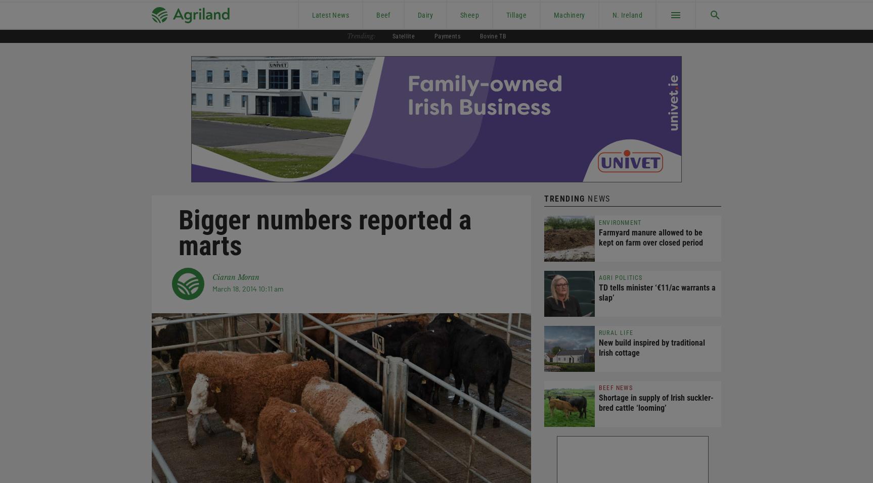 The image size is (873, 483). I want to click on 'Bovine TB', so click(492, 35).